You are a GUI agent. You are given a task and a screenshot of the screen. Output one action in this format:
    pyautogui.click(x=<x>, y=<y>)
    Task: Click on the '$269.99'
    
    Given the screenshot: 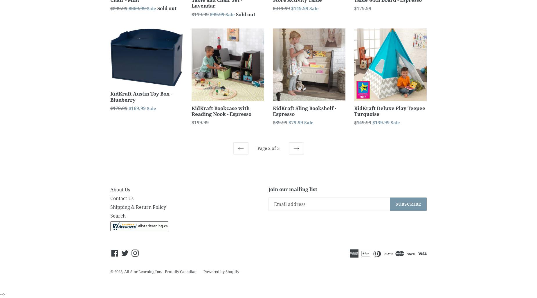 What is the action you would take?
    pyautogui.click(x=138, y=8)
    